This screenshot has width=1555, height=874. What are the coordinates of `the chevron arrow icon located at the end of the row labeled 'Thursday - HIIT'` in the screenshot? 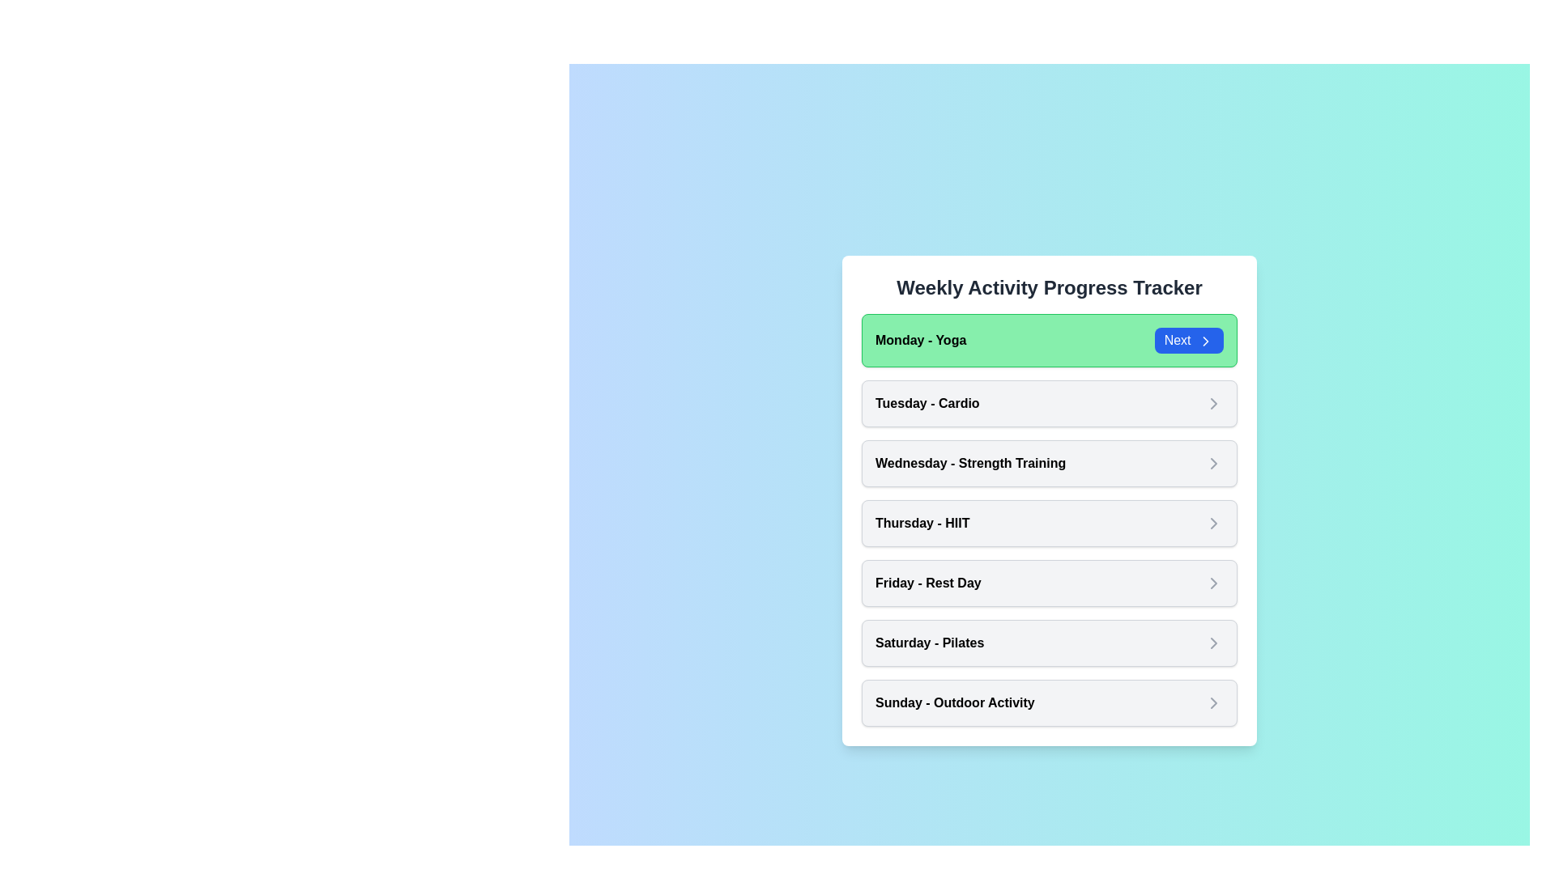 It's located at (1213, 524).